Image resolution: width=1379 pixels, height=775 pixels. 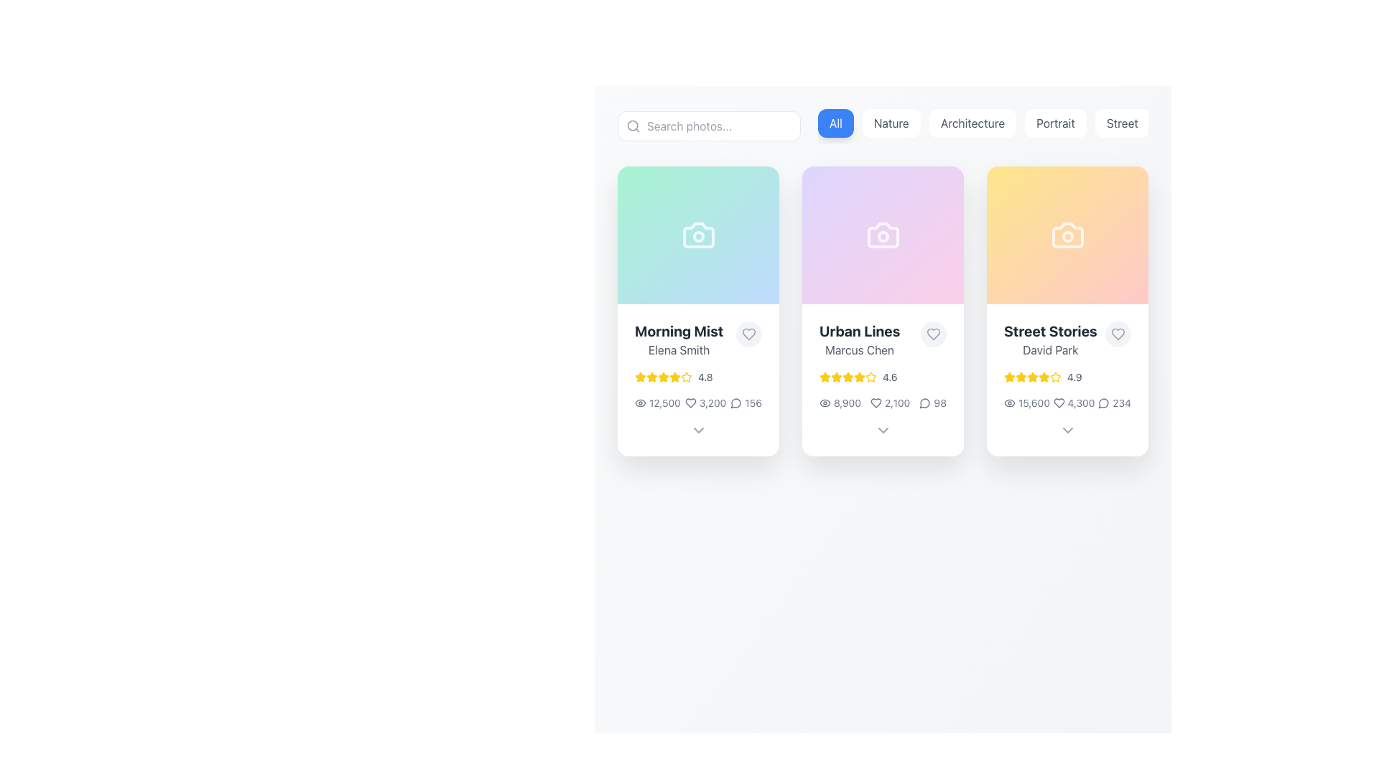 I want to click on the filtering option button located at the top-right corner of the media gallery, which is the third button from the left in a sequence of five buttons, so click(x=982, y=126).